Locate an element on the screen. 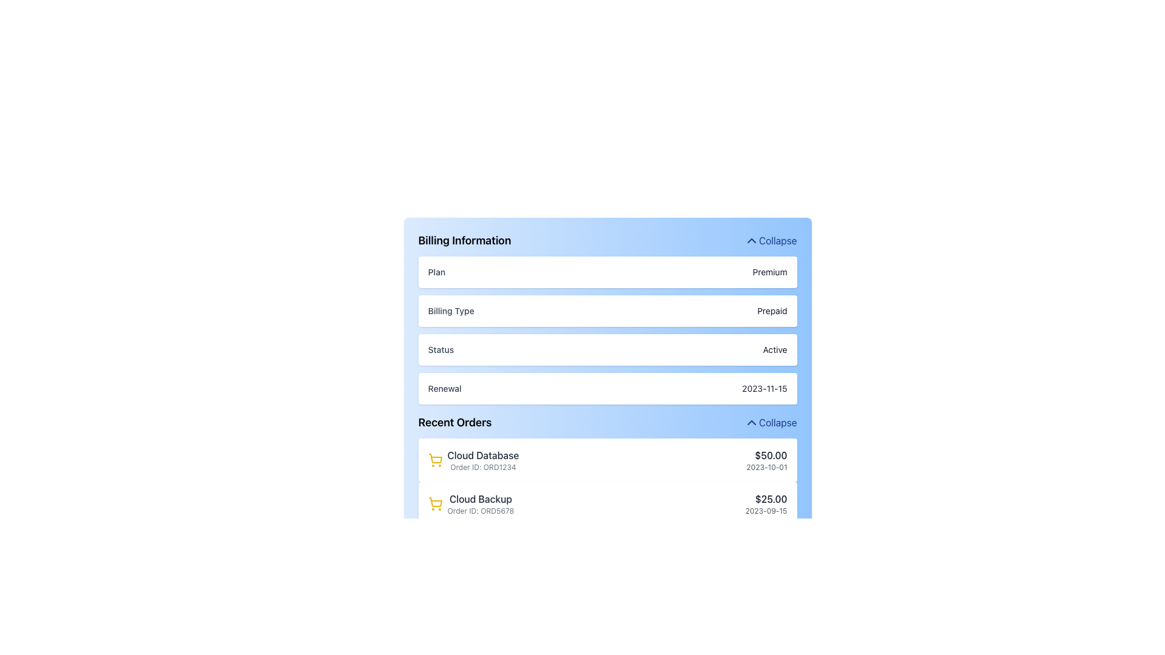 Image resolution: width=1165 pixels, height=655 pixels. the yellow shopping cart icon located to the left of the 'Cloud Database' text and 'Order ID: ORD1234' in the 'Recent Orders' section is located at coordinates (435, 460).